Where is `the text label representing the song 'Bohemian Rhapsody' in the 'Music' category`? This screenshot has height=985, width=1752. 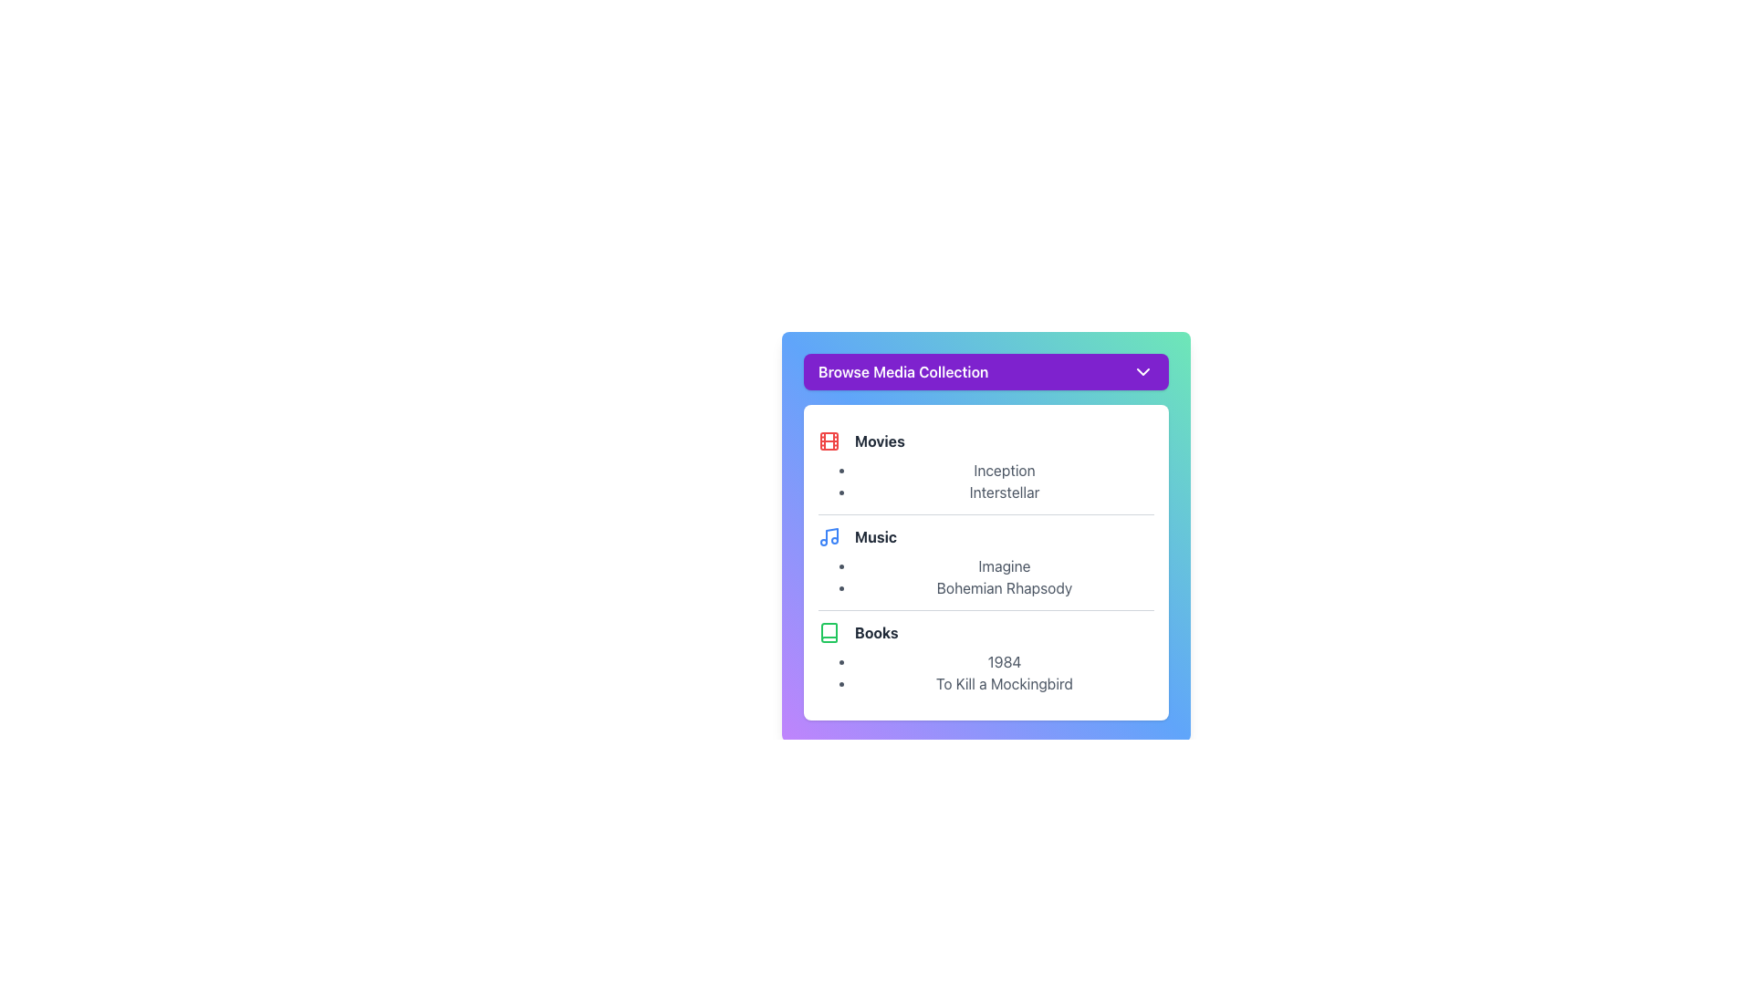 the text label representing the song 'Bohemian Rhapsody' in the 'Music' category is located at coordinates (1003, 587).